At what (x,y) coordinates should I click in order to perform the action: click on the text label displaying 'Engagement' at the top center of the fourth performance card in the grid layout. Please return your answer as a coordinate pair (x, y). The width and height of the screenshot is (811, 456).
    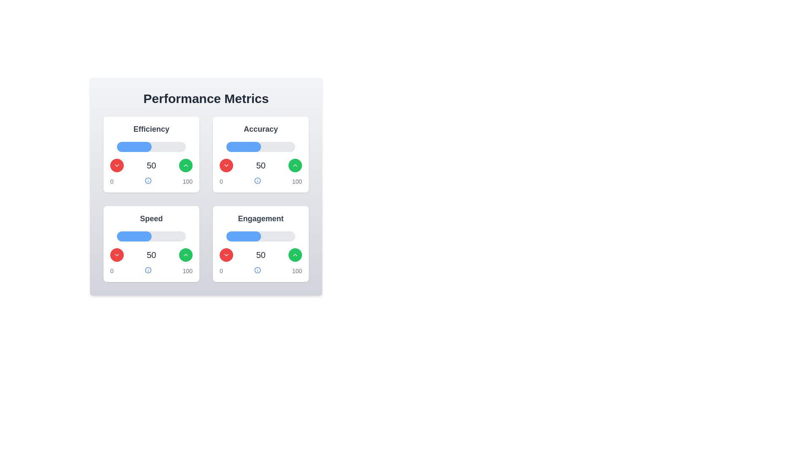
    Looking at the image, I should click on (260, 218).